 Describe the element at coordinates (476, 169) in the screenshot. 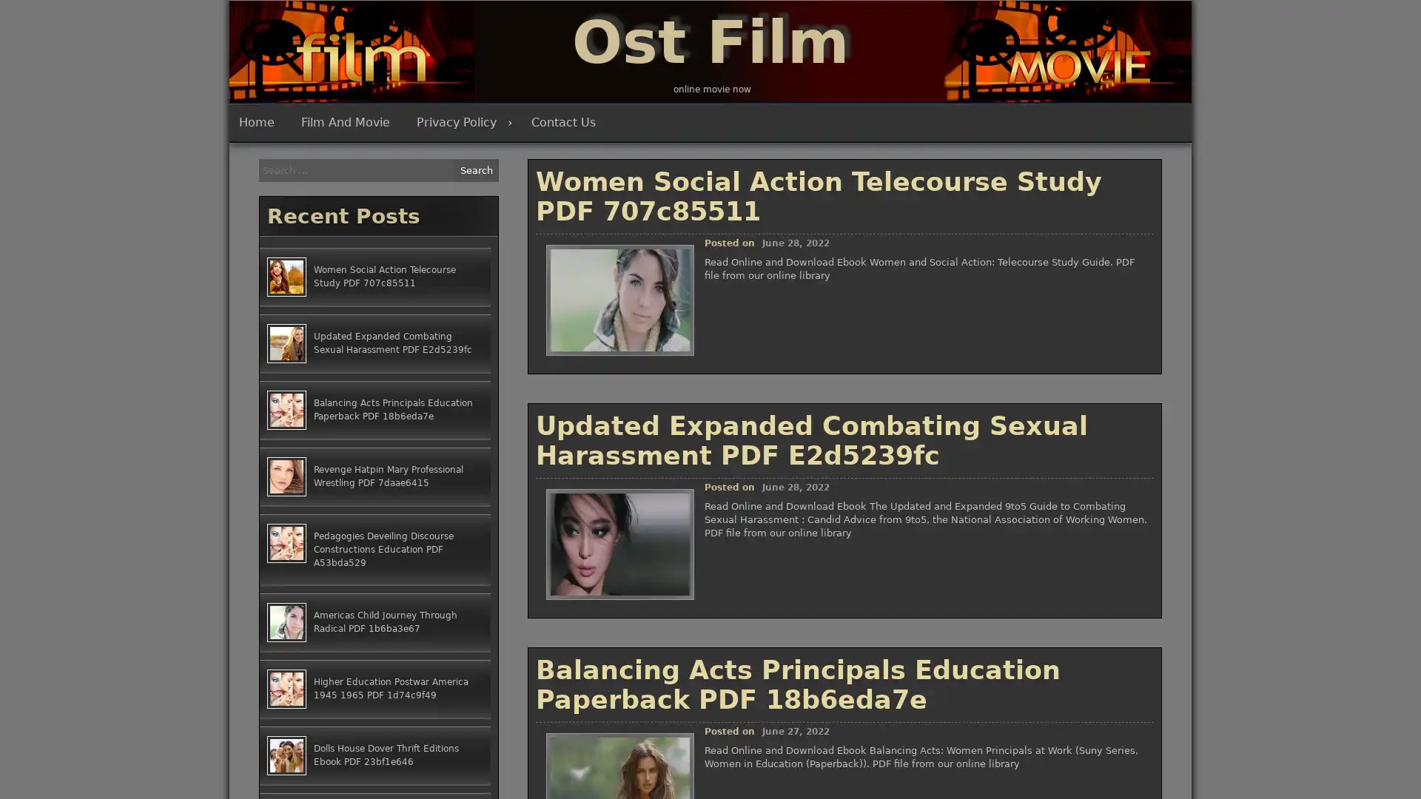

I see `Search` at that location.